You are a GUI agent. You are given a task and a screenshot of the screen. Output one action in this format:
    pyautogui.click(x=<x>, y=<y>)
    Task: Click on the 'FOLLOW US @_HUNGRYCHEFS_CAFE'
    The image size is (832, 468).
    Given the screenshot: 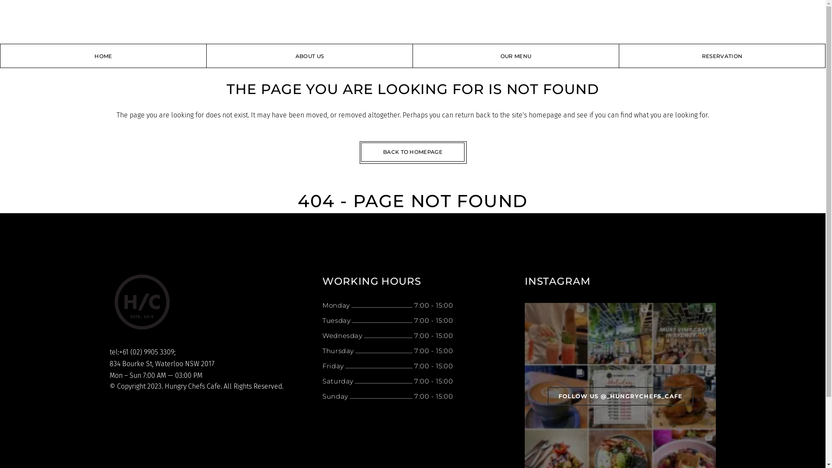 What is the action you would take?
    pyautogui.click(x=620, y=396)
    